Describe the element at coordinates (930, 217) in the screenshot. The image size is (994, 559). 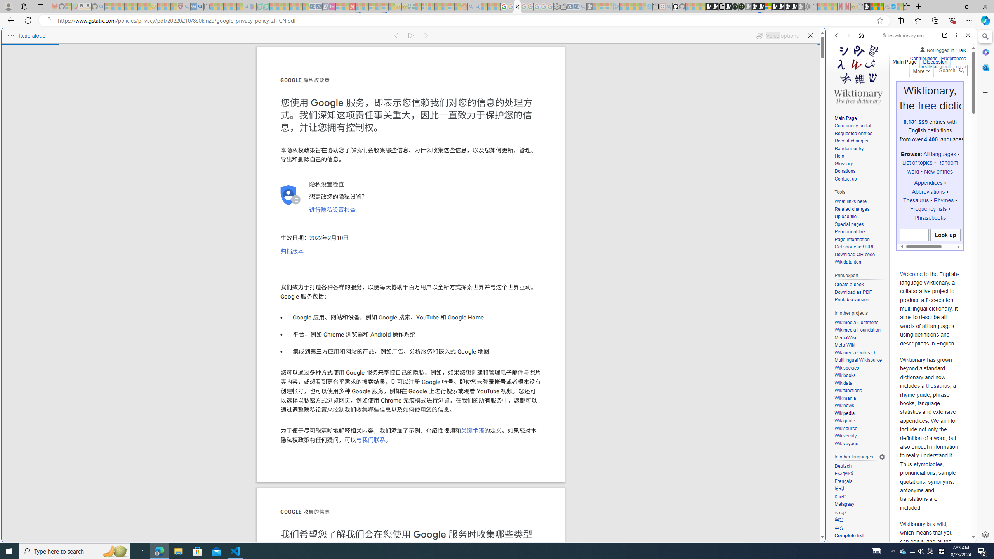
I see `'Phrasebooks'` at that location.